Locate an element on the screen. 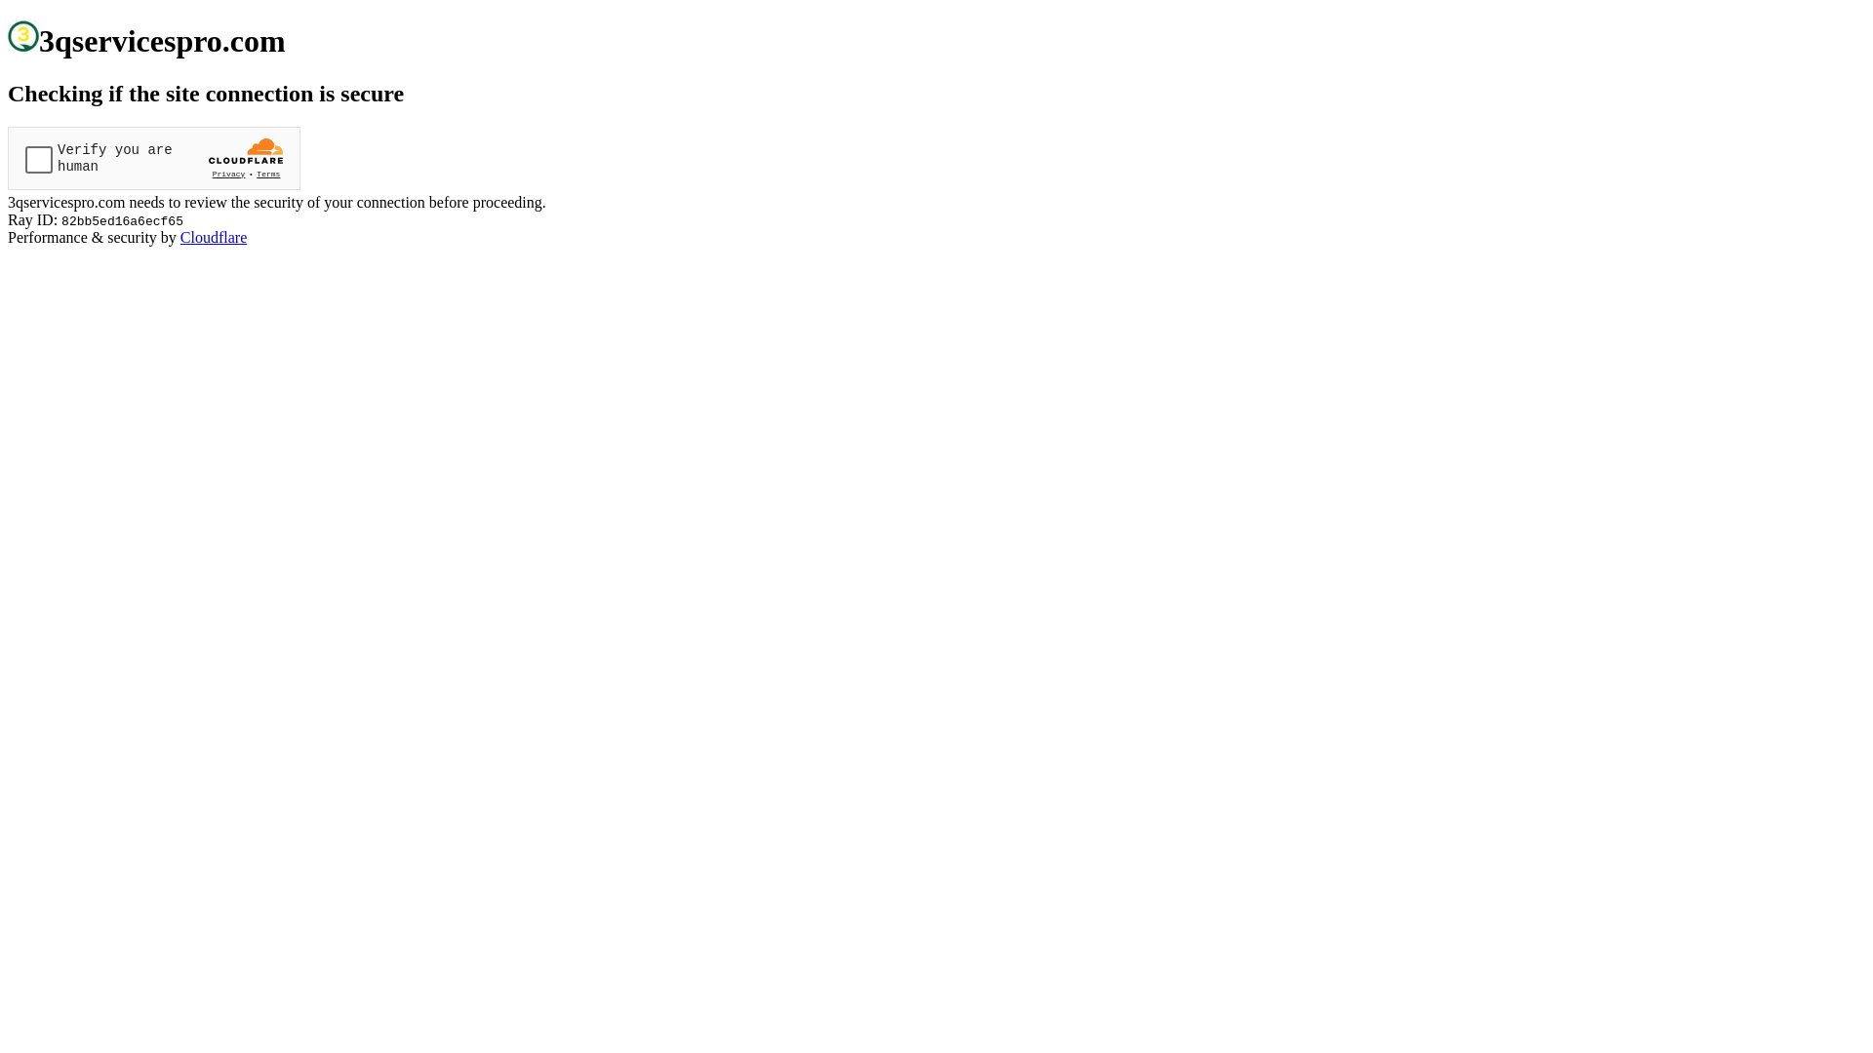  'Cloudflare' is located at coordinates (214, 236).